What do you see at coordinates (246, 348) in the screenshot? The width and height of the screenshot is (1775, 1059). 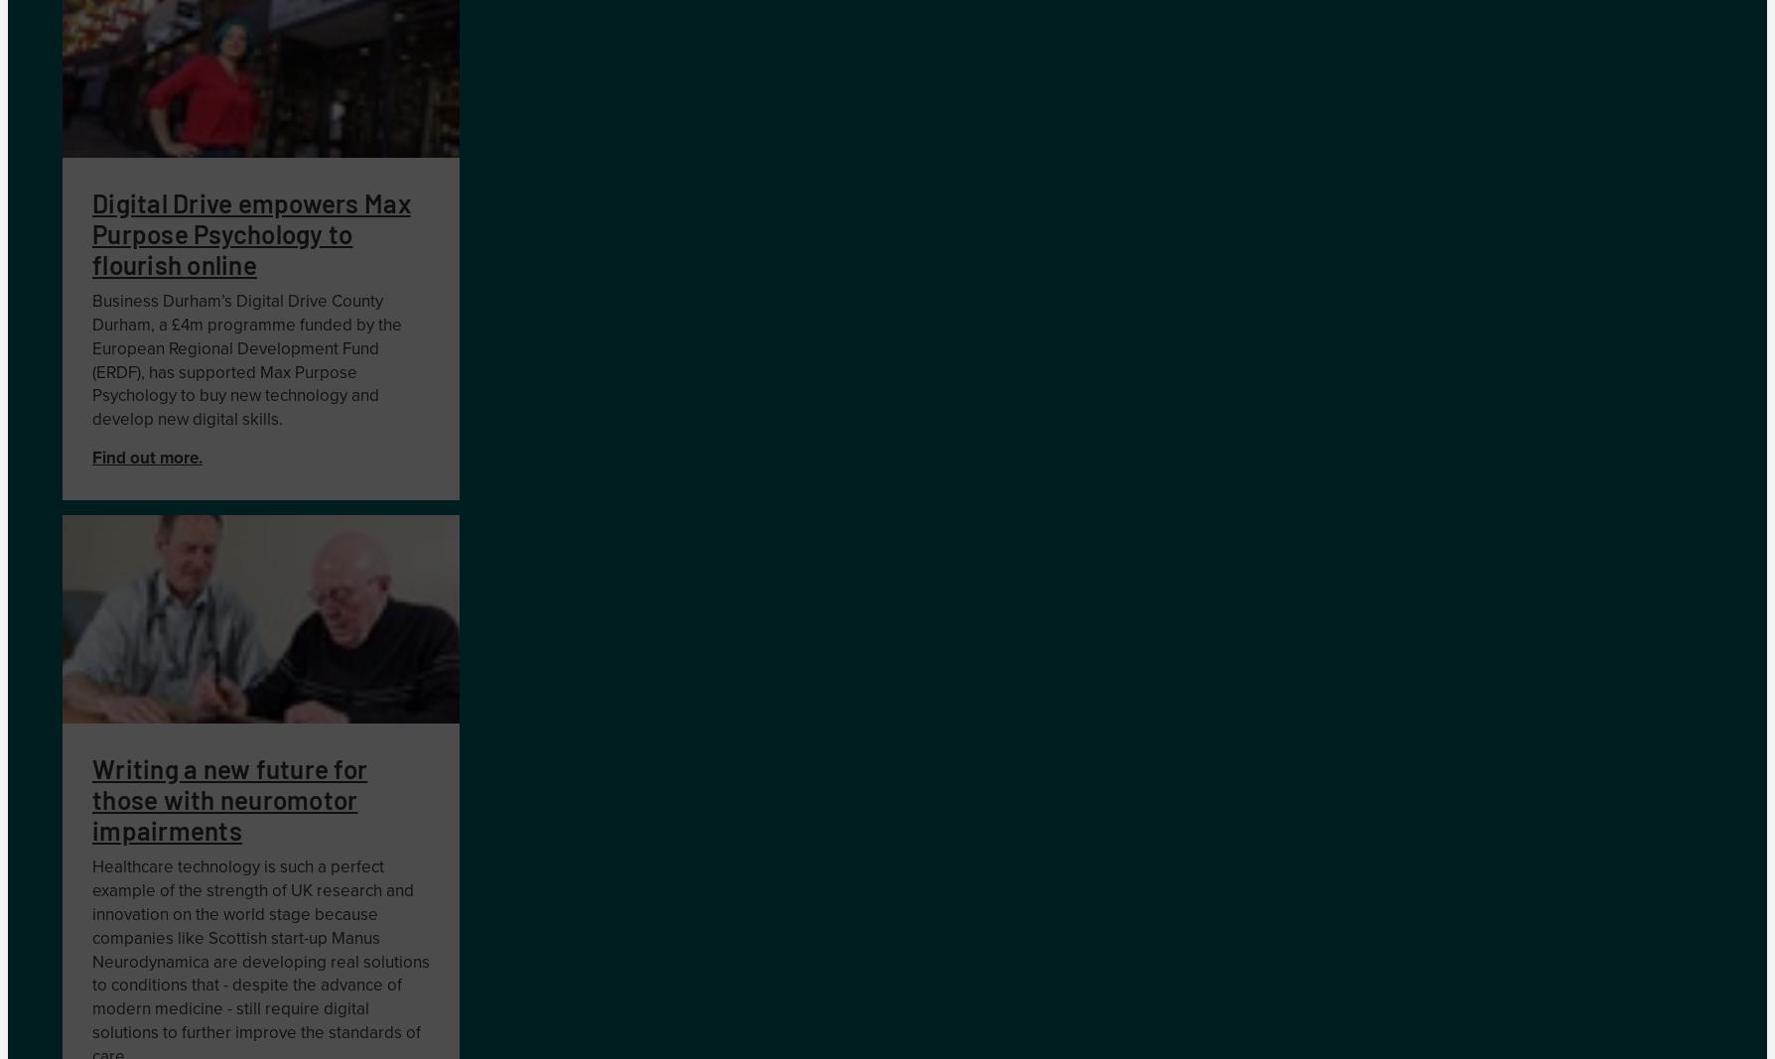 I see `'a £4m programme funded by the European Regional Development Fund (ERDF),'` at bounding box center [246, 348].